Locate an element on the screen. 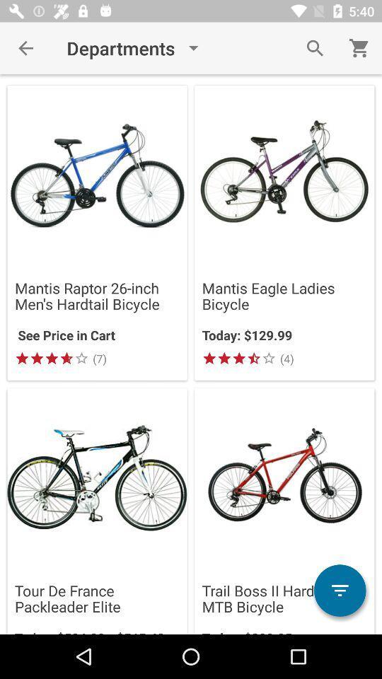 The height and width of the screenshot is (679, 382). the filter_list icon is located at coordinates (339, 591).